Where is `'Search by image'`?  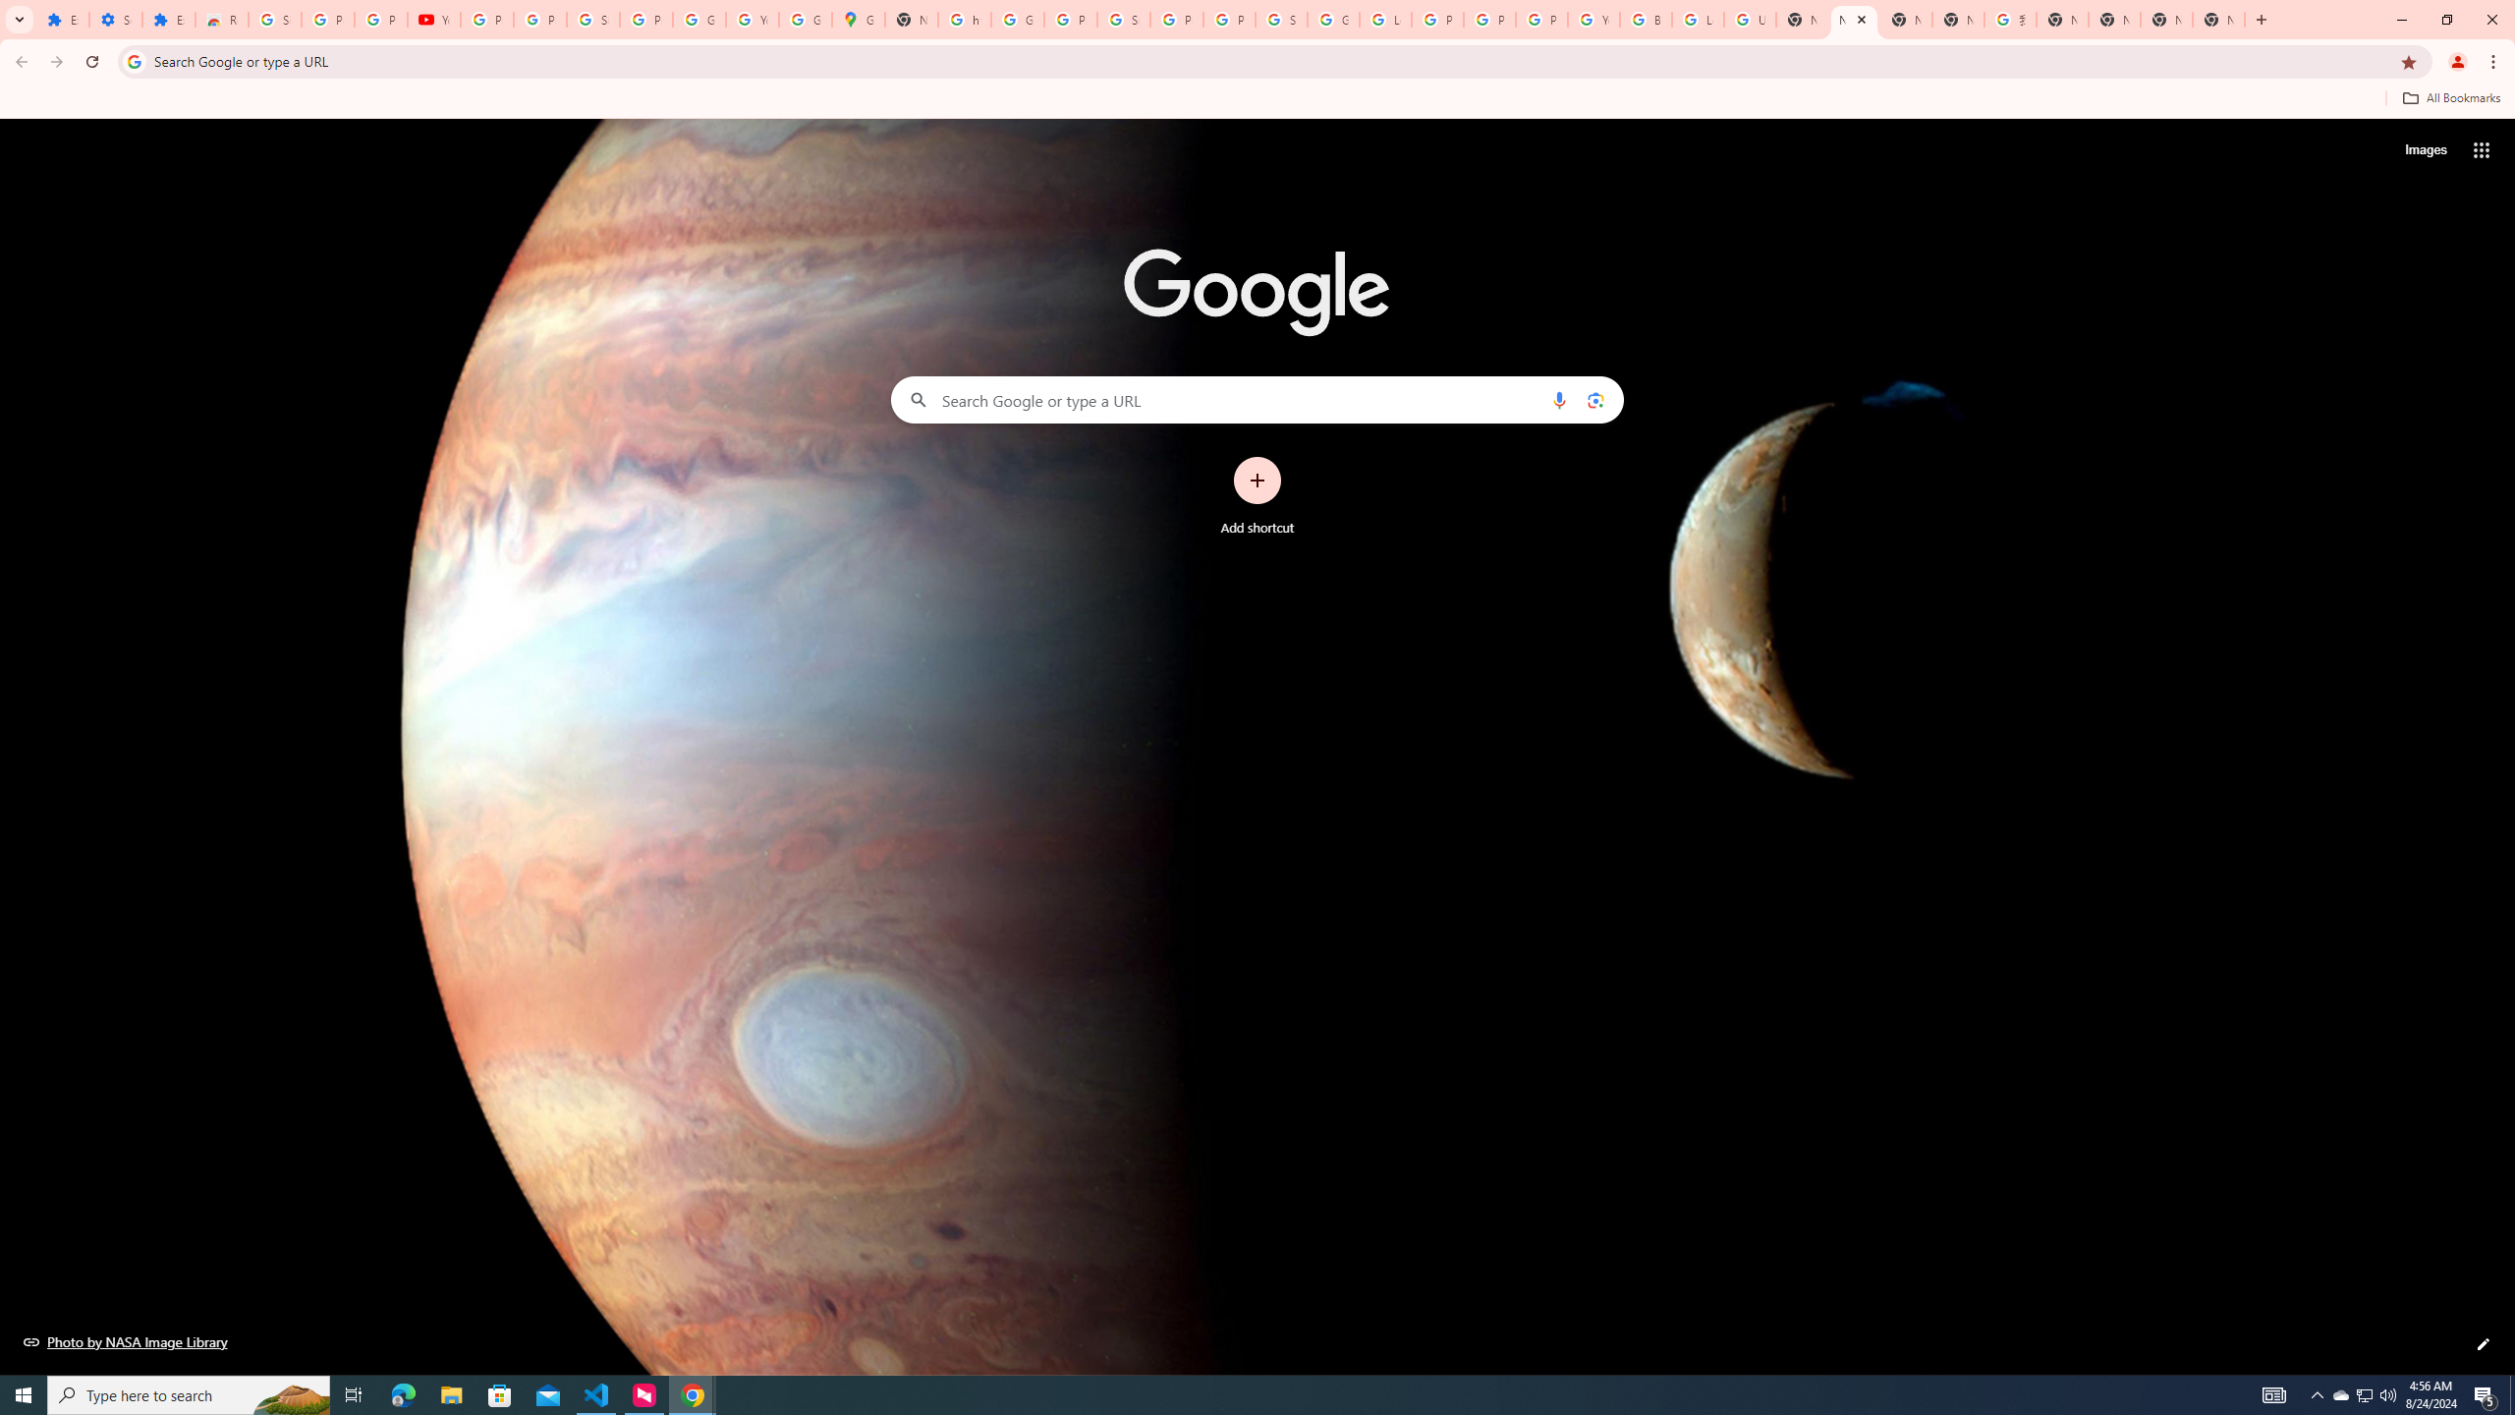 'Search by image' is located at coordinates (1593, 398).